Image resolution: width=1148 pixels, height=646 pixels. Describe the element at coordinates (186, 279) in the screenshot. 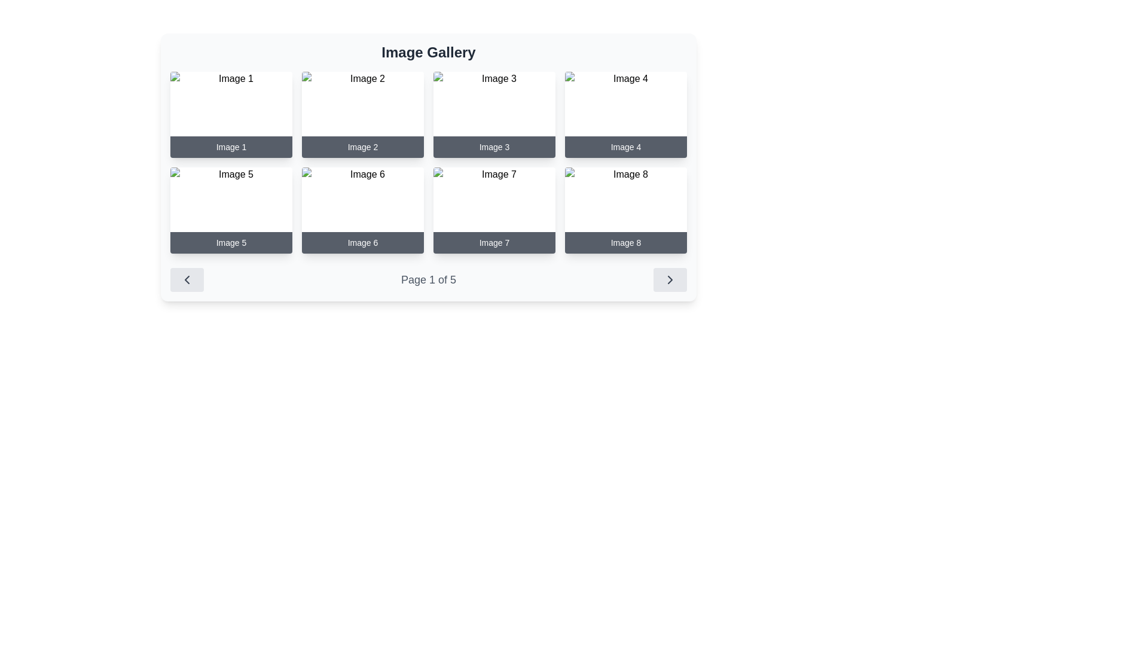

I see `the first navigation button with a light gray background and a leftward arrow icon to trigger hover effects` at that location.